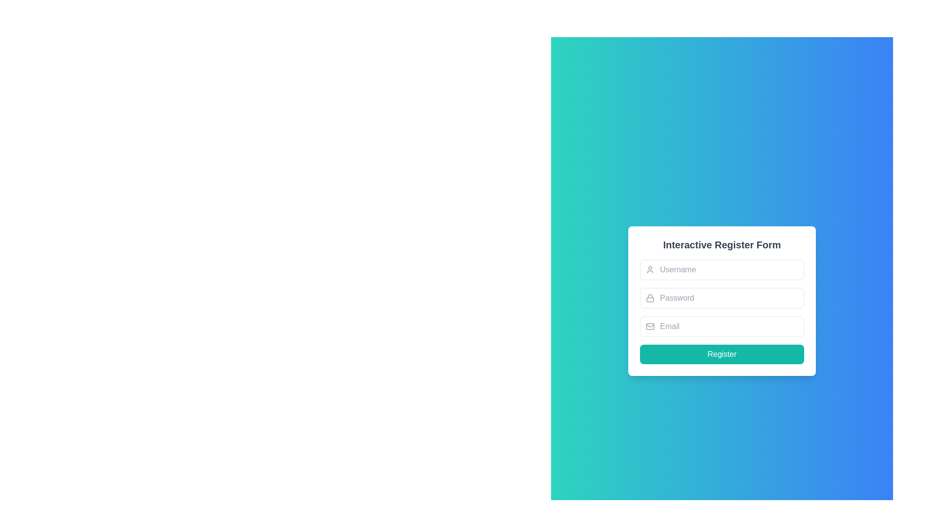 The image size is (938, 528). I want to click on the 'Register' Submit button with a teal background and rounded corners located at the bottom of the registration form, so click(722, 354).